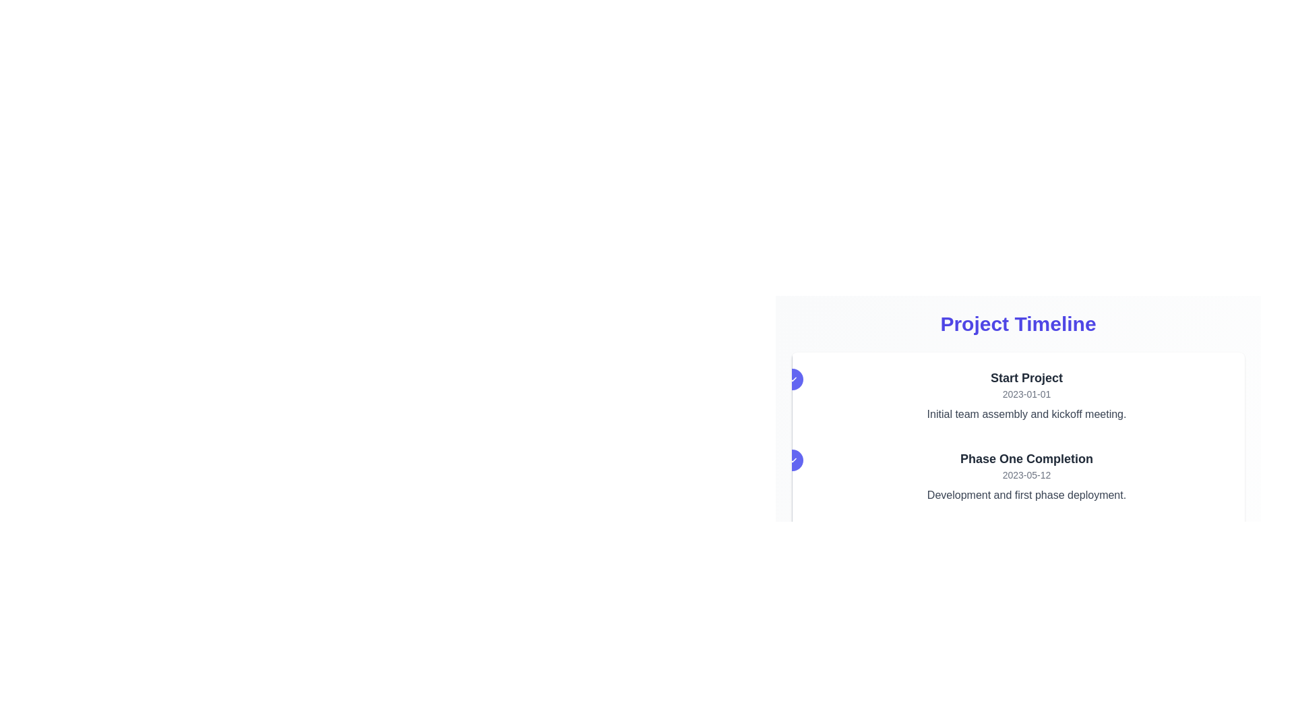 This screenshot has height=728, width=1294. I want to click on the button, so click(793, 459).